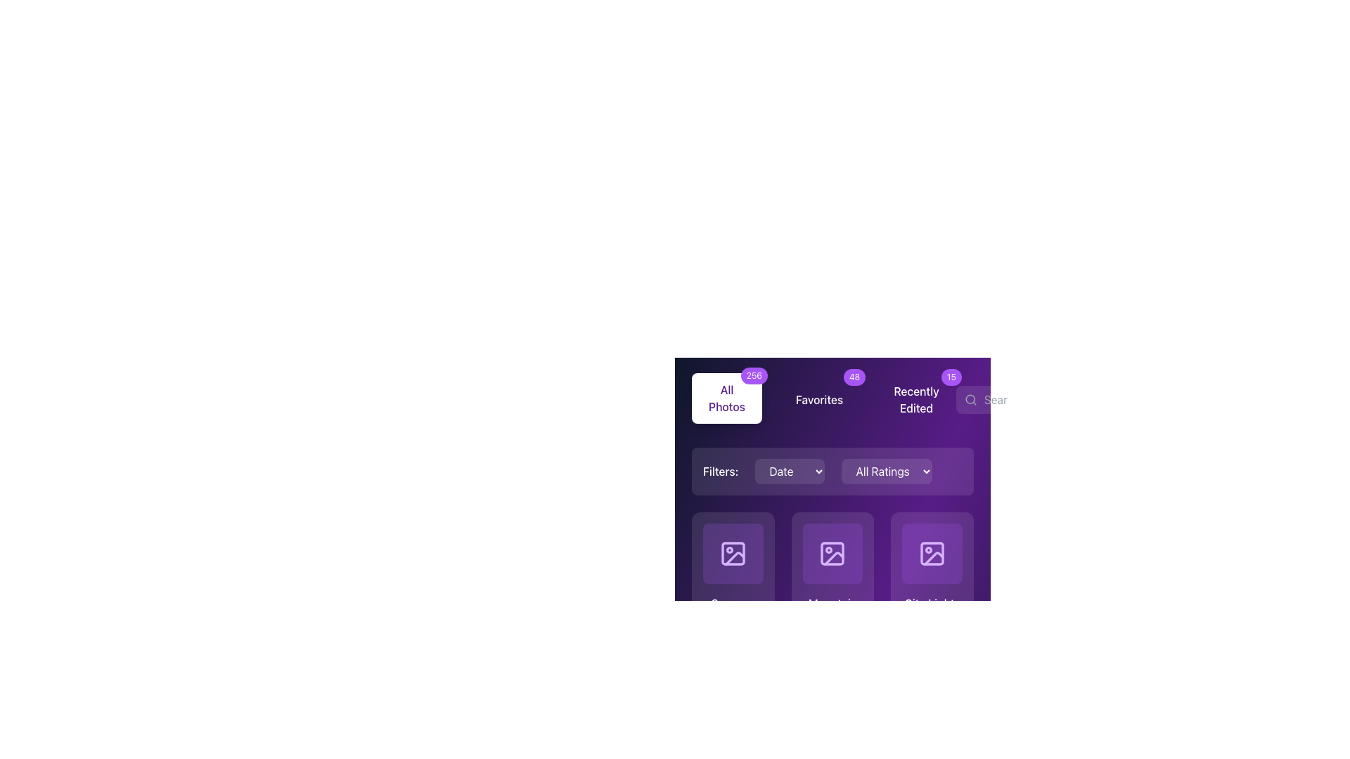 The height and width of the screenshot is (759, 1350). I want to click on the 'Date' dropdown button, which has a purple background and is styled with rounded edges, so click(790, 472).